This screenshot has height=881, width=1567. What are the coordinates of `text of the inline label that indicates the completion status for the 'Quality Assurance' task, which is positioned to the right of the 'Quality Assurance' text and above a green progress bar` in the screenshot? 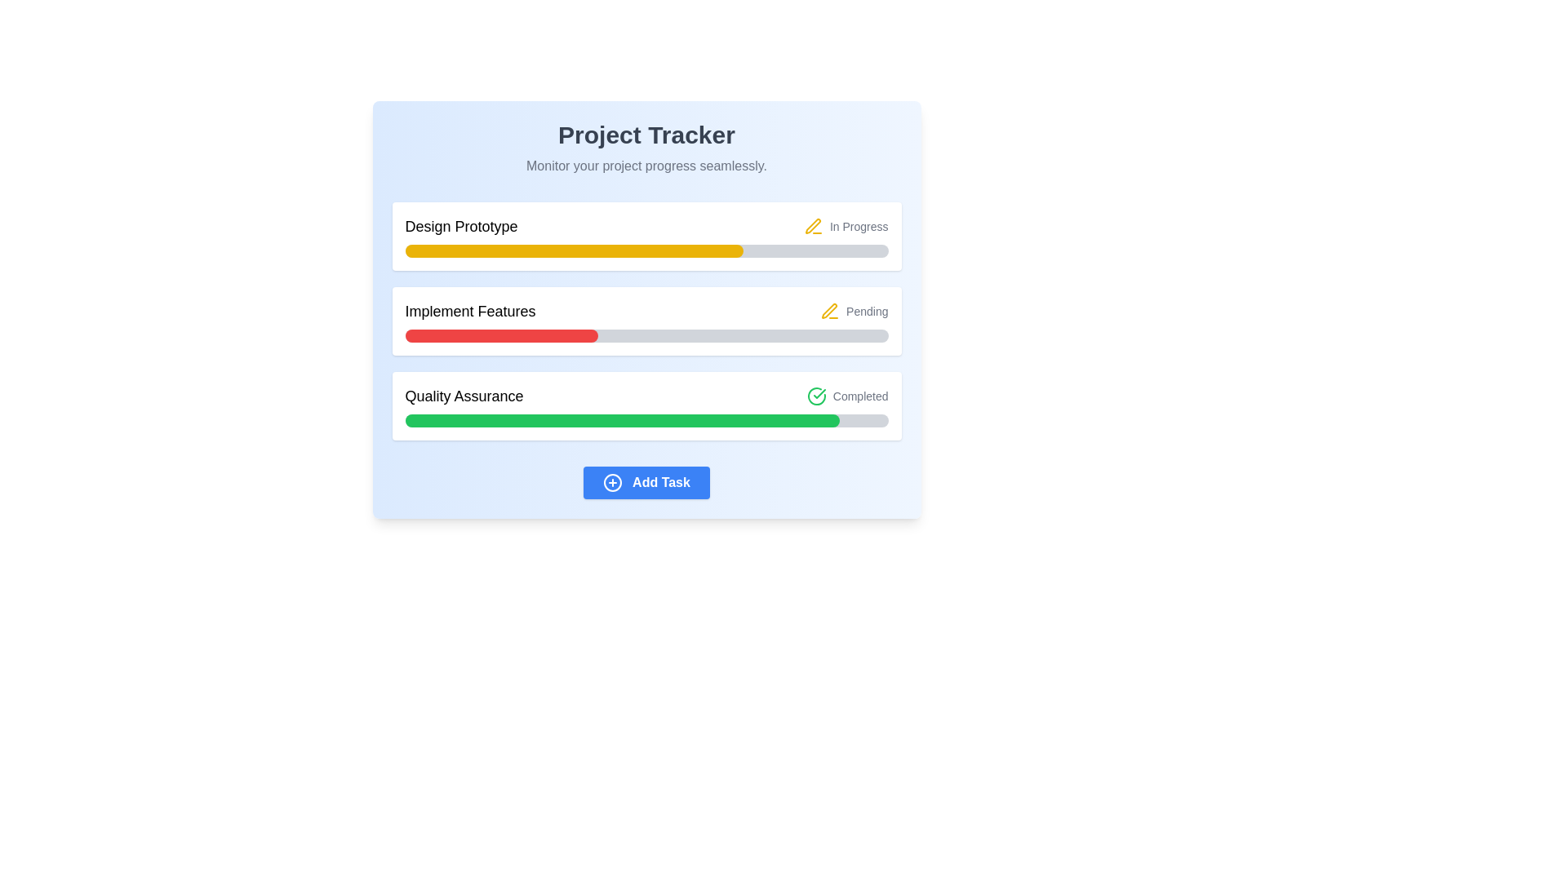 It's located at (847, 396).